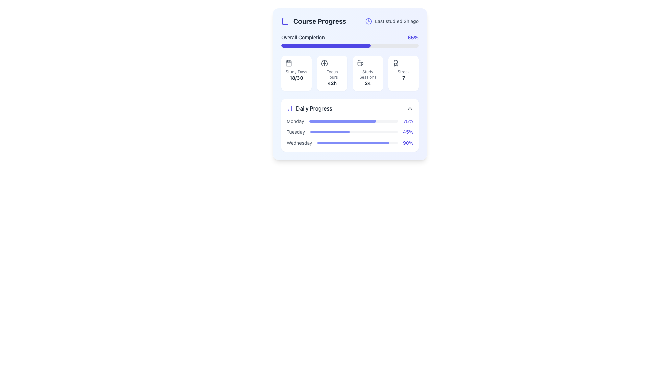 The width and height of the screenshot is (649, 365). I want to click on the timestamp text with icon located in the top right corner of the 'Course Progress' section, which is to the right of the 'Course Progress' title, so click(392, 21).